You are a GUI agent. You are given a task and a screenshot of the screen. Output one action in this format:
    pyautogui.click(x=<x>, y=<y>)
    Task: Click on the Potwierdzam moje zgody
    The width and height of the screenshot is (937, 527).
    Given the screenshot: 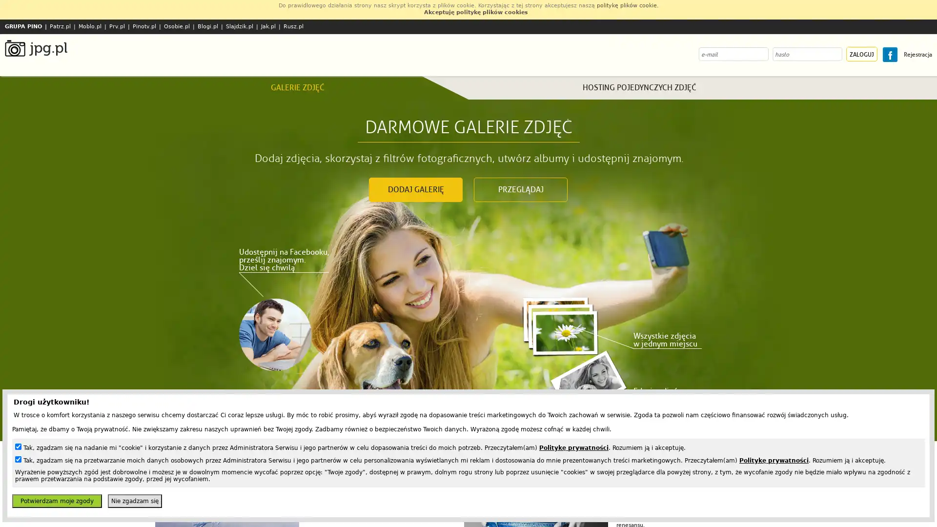 What is the action you would take?
    pyautogui.click(x=56, y=501)
    